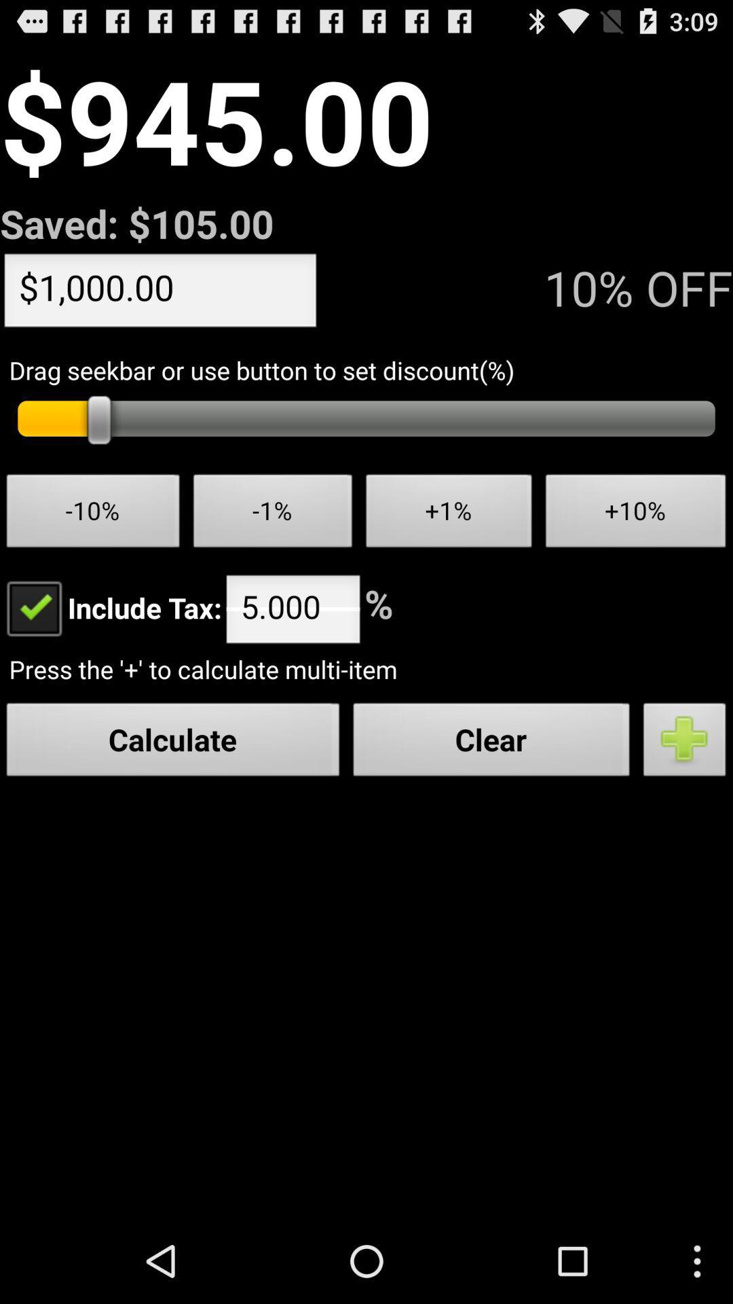 The height and width of the screenshot is (1304, 733). I want to click on the add icon, so click(685, 795).